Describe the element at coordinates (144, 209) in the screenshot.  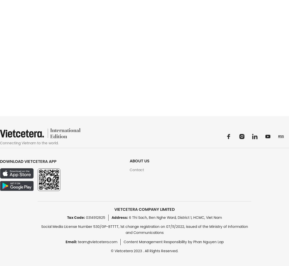
I see `'VIETCETERA COMPANY LIMITED'` at that location.